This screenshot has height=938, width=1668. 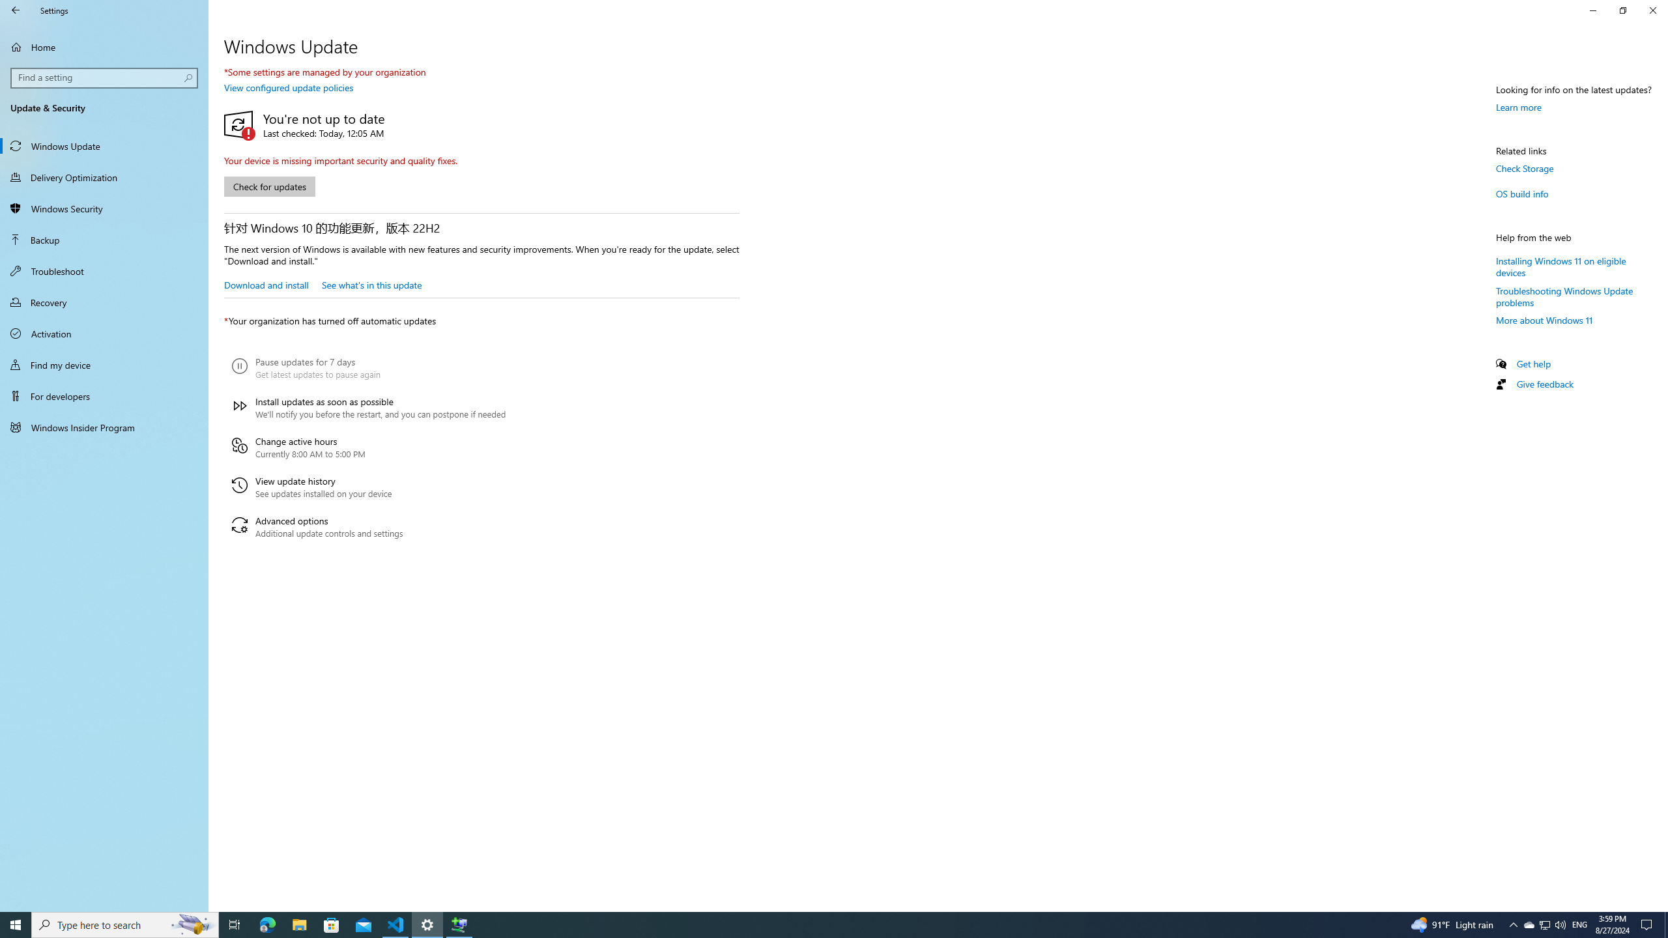 I want to click on 'Installing Windows 11 on eligible devices', so click(x=1561, y=265).